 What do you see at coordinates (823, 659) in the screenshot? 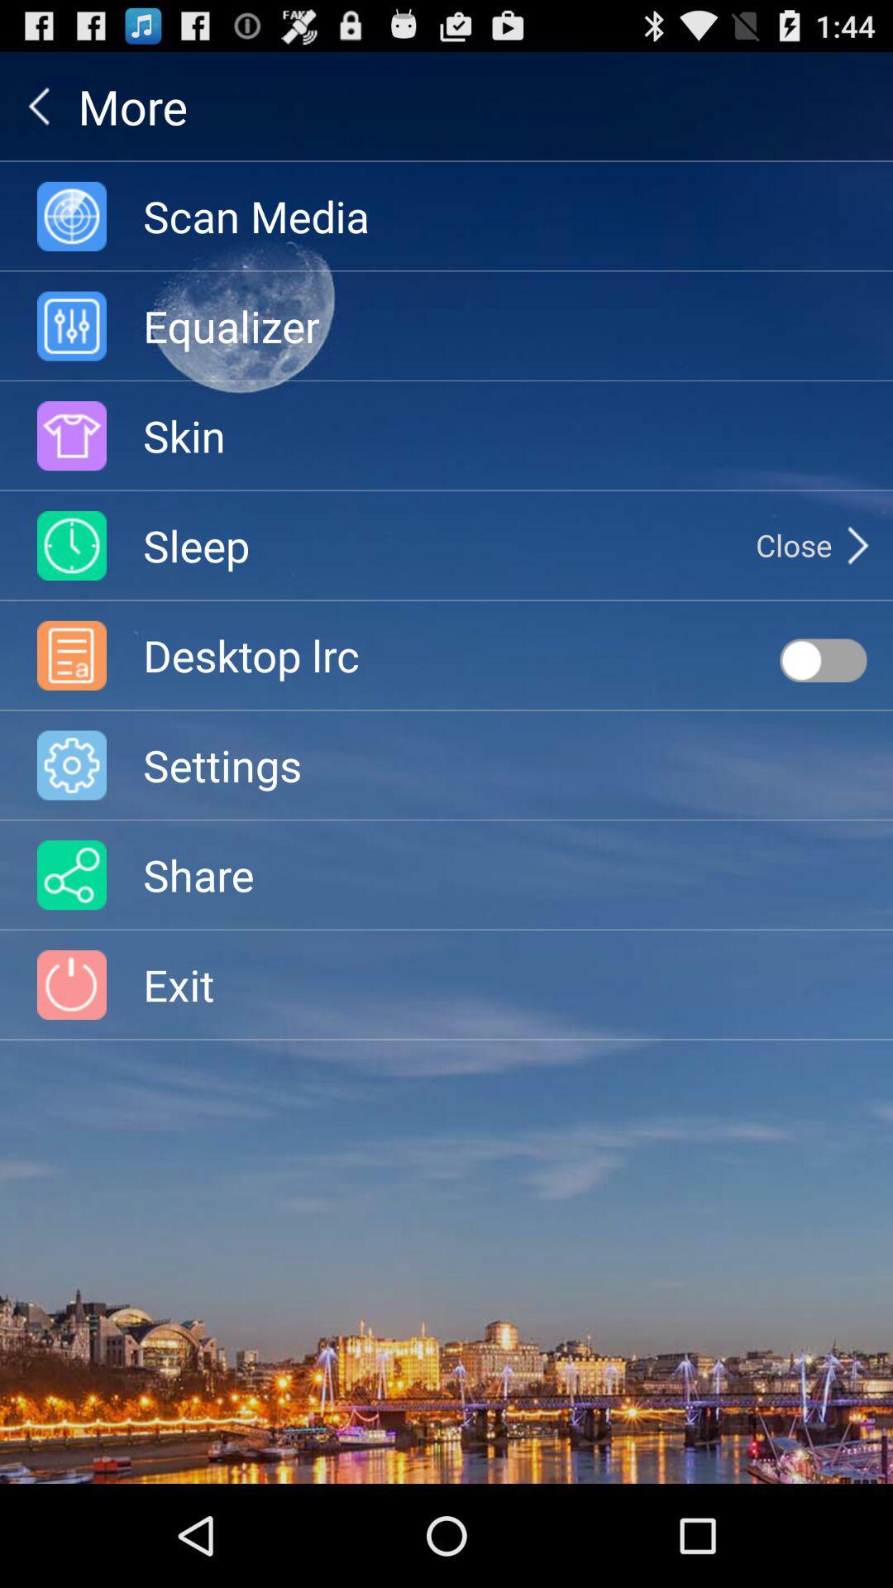
I see `icon to the right of desktop lrc` at bounding box center [823, 659].